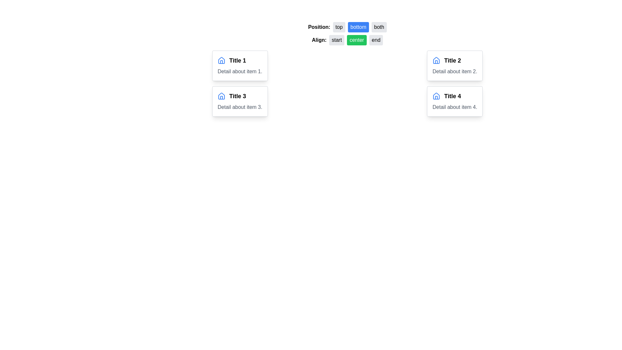  I want to click on the informational card for 'item 4' located in the second column and second row of the grid layout, so click(455, 101).